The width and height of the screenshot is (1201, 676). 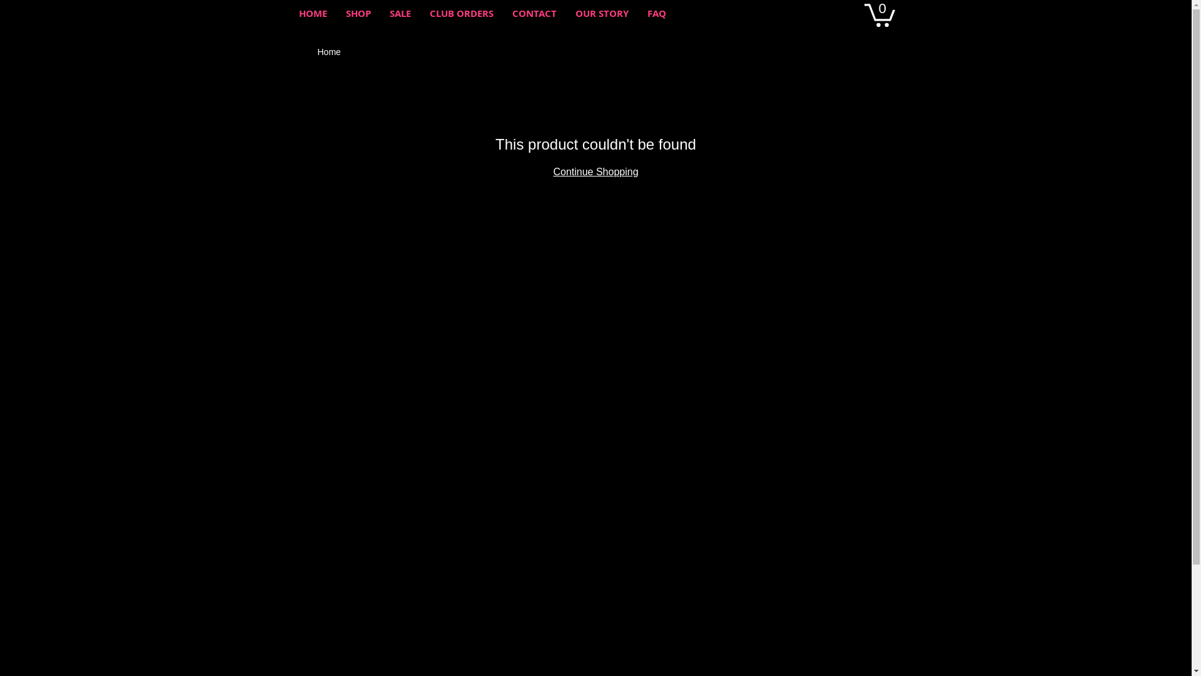 What do you see at coordinates (399, 14) in the screenshot?
I see `'SALE'` at bounding box center [399, 14].